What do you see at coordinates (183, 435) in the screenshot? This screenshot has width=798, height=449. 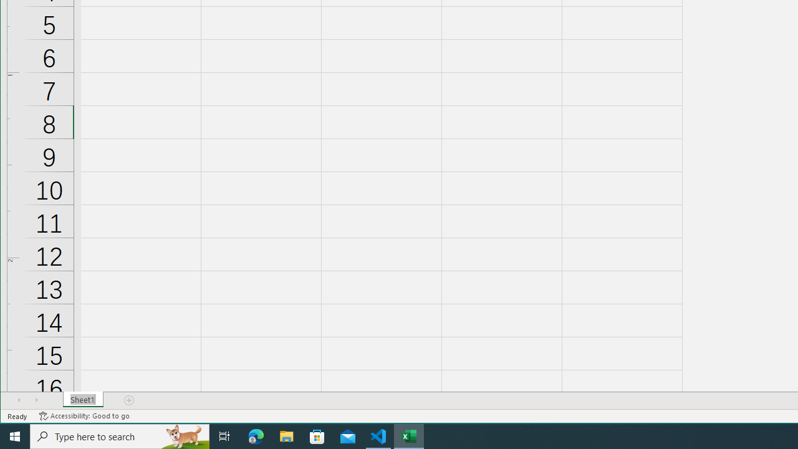 I see `'Search highlights icon opens search home window'` at bounding box center [183, 435].